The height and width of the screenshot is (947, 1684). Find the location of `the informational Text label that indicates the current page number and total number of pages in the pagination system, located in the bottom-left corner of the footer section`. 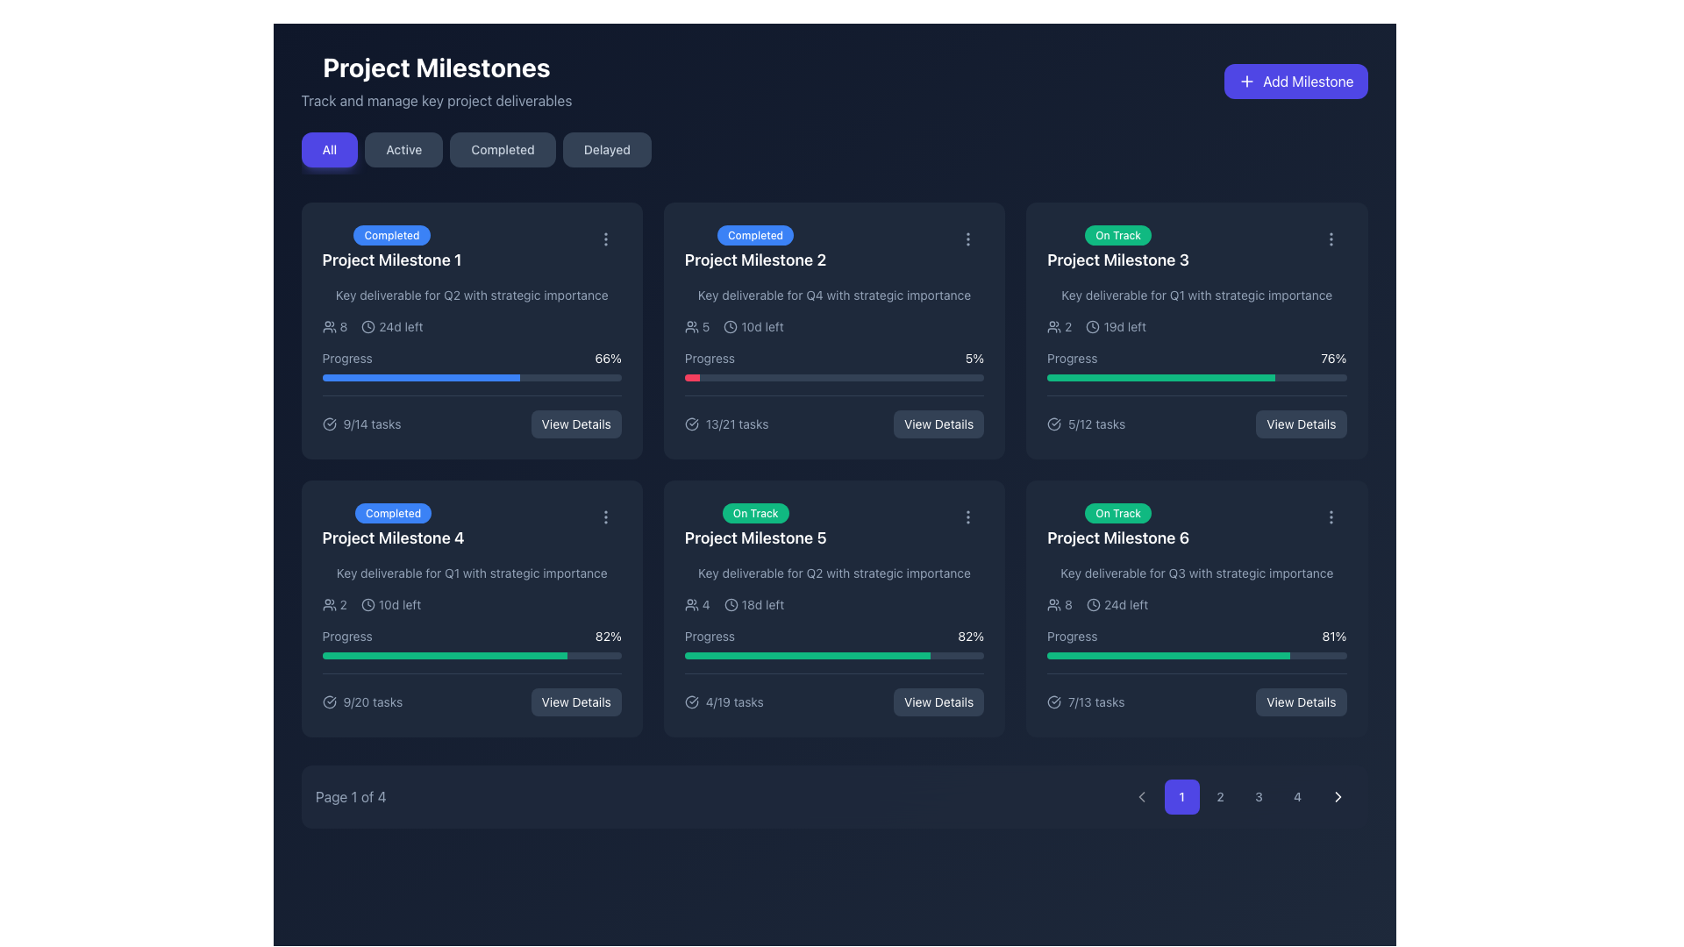

the informational Text label that indicates the current page number and total number of pages in the pagination system, located in the bottom-left corner of the footer section is located at coordinates (350, 797).